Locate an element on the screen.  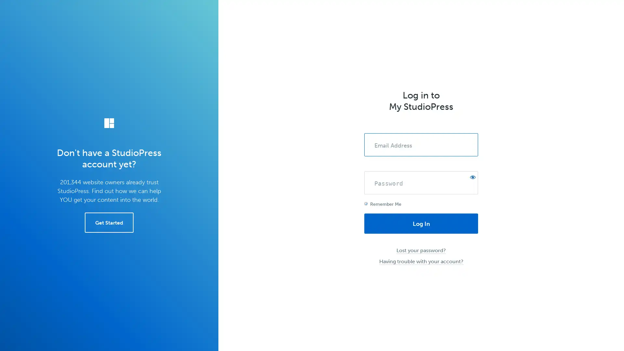
Log In is located at coordinates (421, 223).